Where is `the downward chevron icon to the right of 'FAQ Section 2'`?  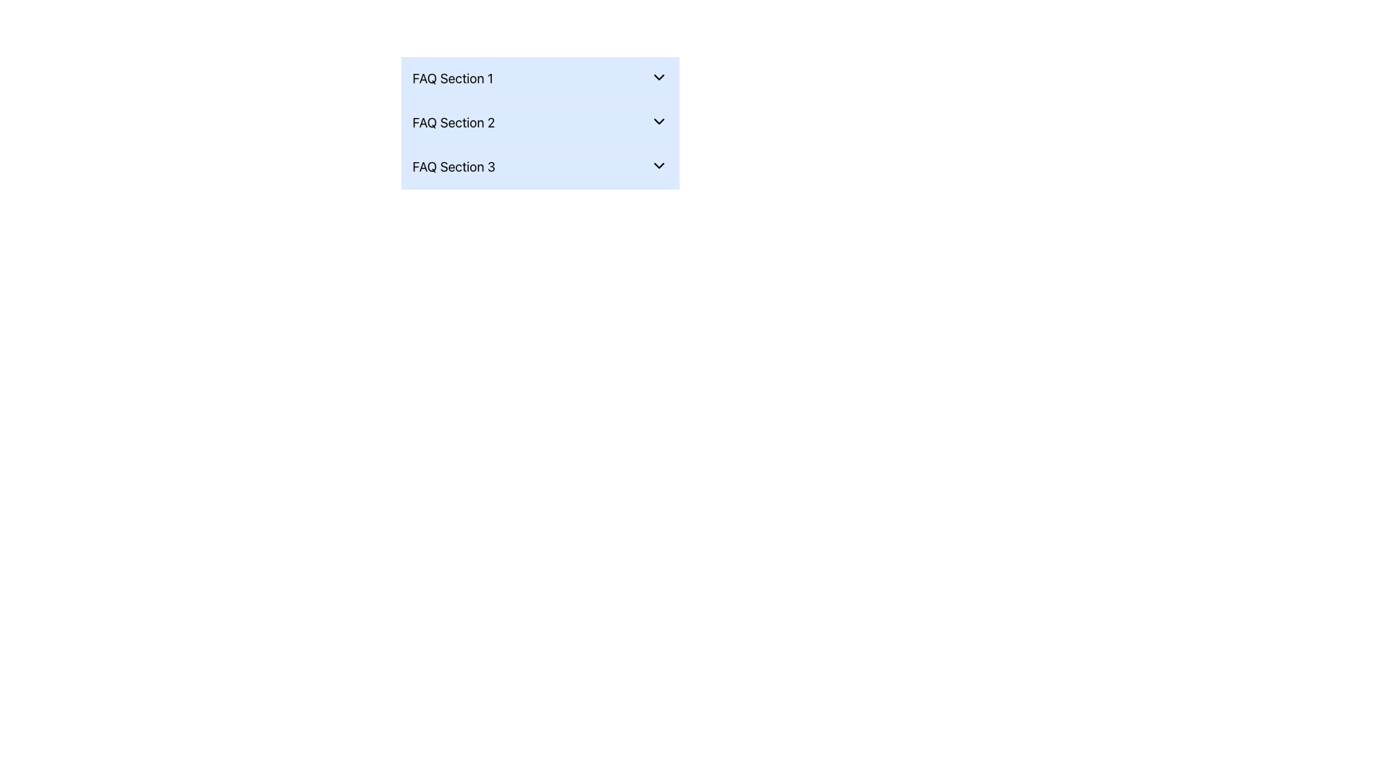 the downward chevron icon to the right of 'FAQ Section 2' is located at coordinates (658, 121).